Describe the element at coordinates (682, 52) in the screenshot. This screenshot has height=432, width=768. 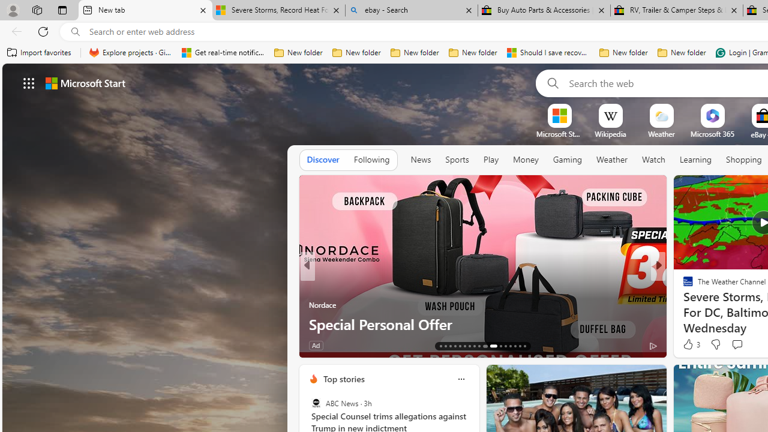
I see `'New folder'` at that location.